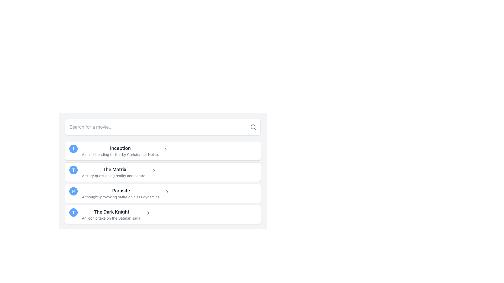  I want to click on tagline text element that provides a brief description for the movie 'Inception', located under the title 'Inception' in the grouped layout, so click(120, 154).